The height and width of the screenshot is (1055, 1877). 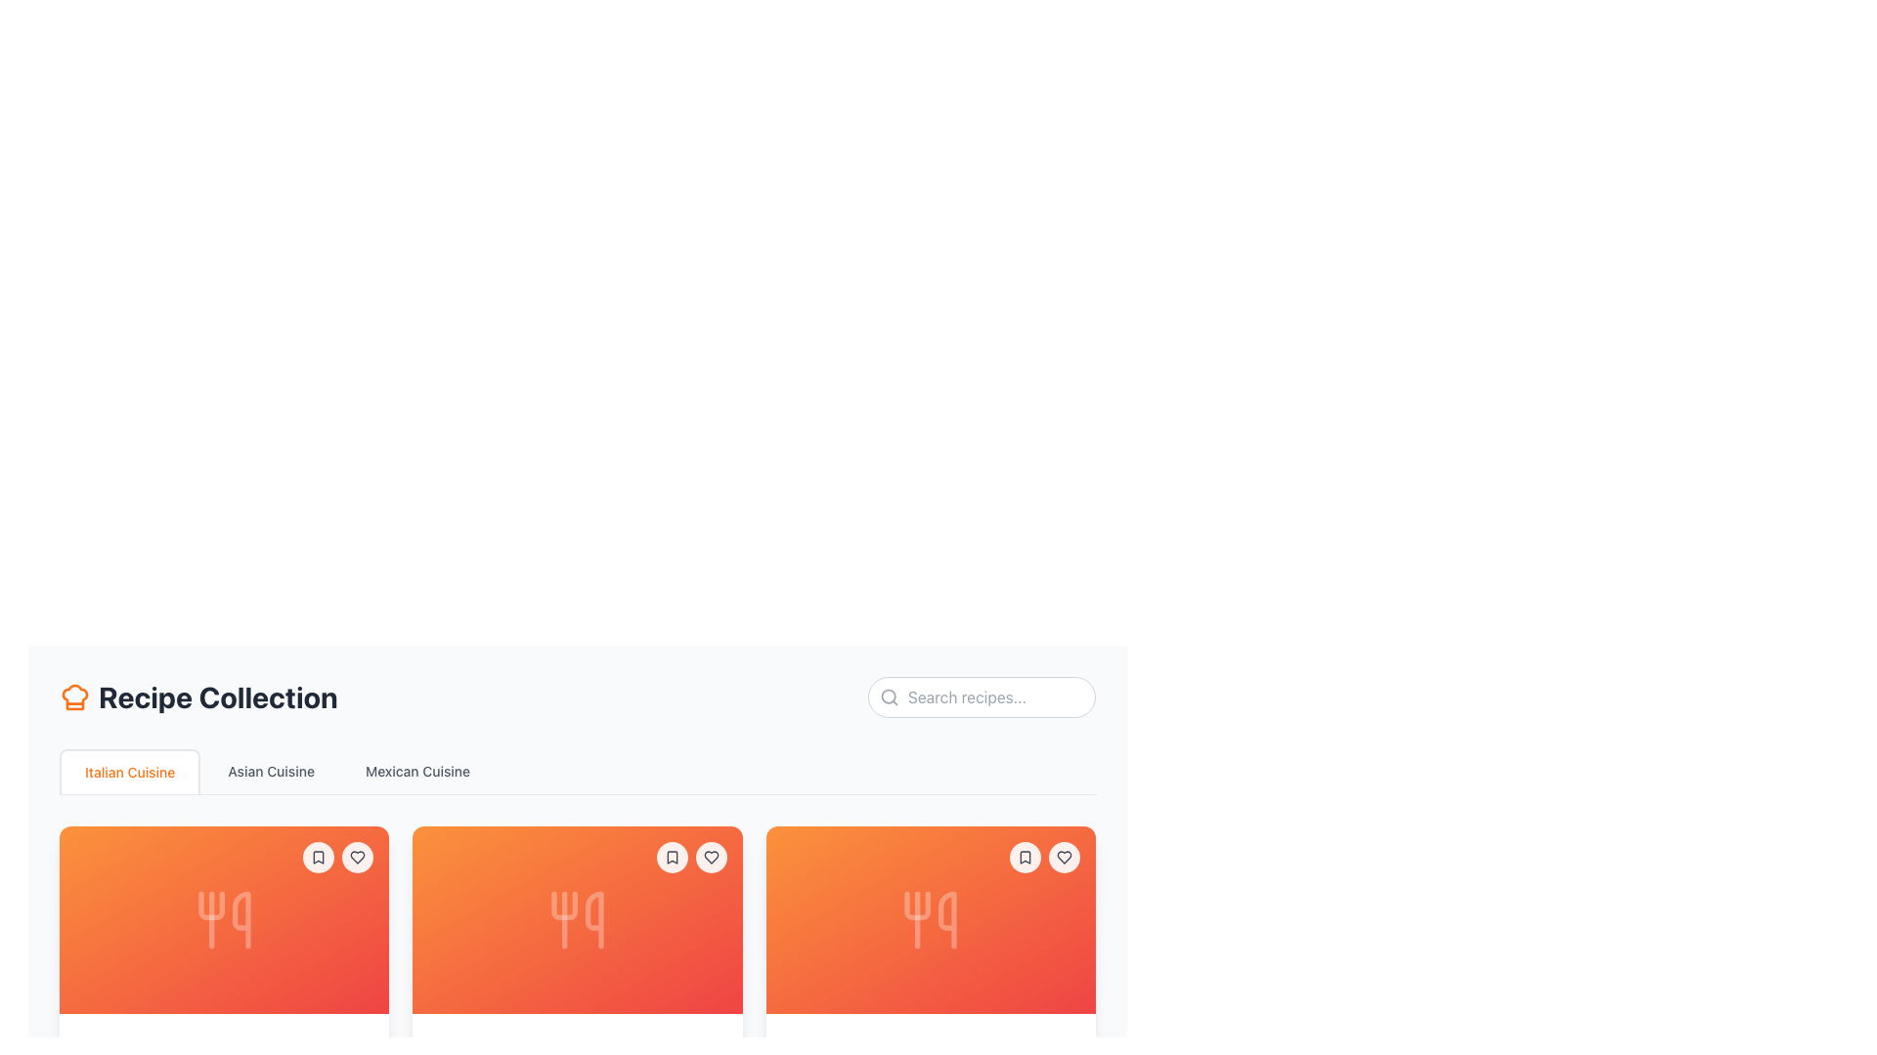 What do you see at coordinates (358, 857) in the screenshot?
I see `the button in the top-right corner of the first recipe card` at bounding box center [358, 857].